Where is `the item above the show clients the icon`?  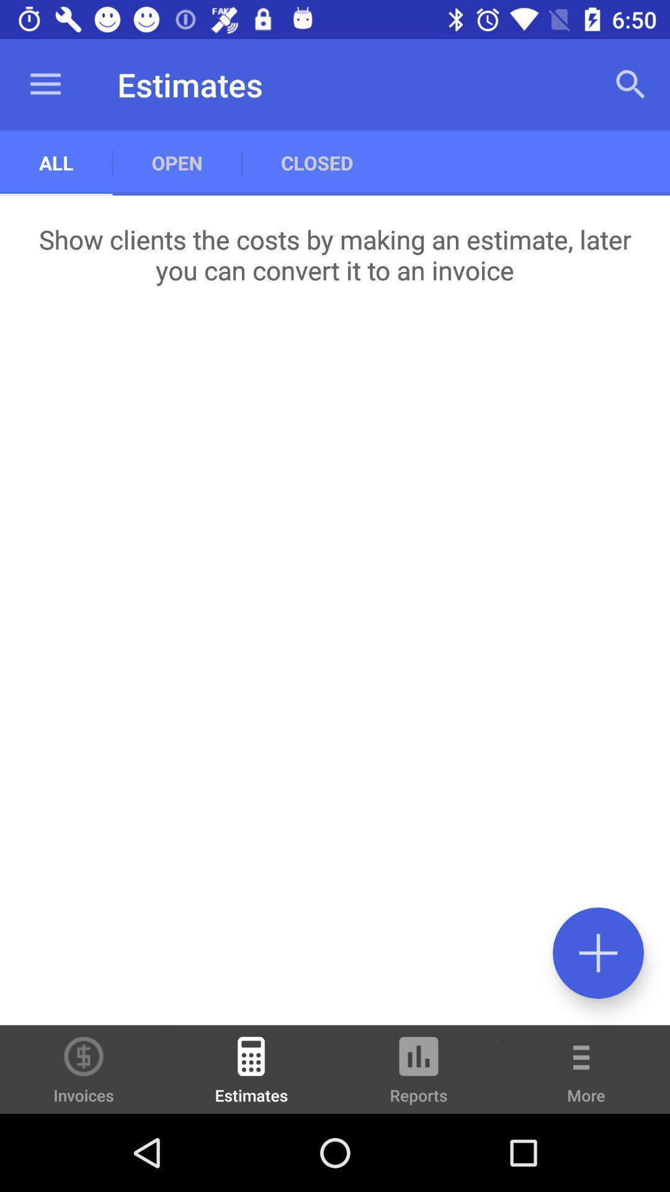 the item above the show clients the icon is located at coordinates (316, 162).